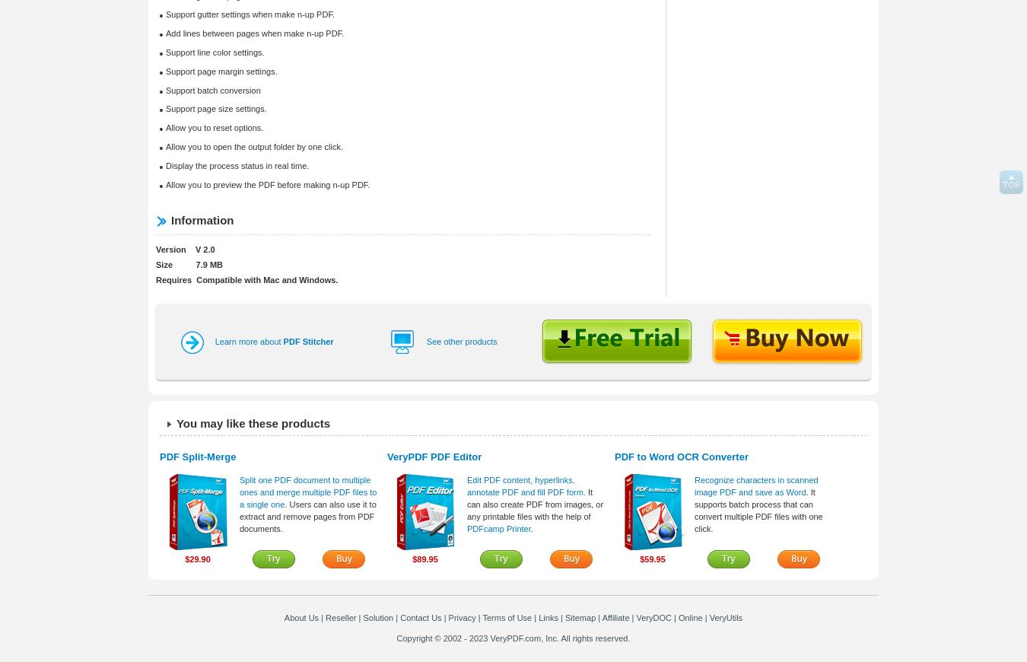 The image size is (1027, 662). Describe the element at coordinates (218, 108) in the screenshot. I see `'Support page size settings.'` at that location.